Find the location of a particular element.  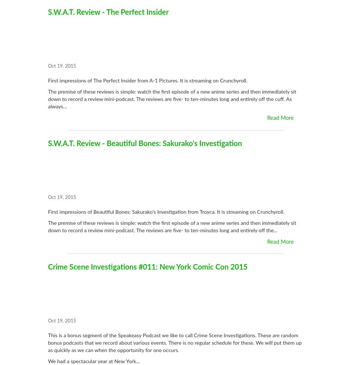

'We had a spectacular year at New York...' is located at coordinates (48, 362).